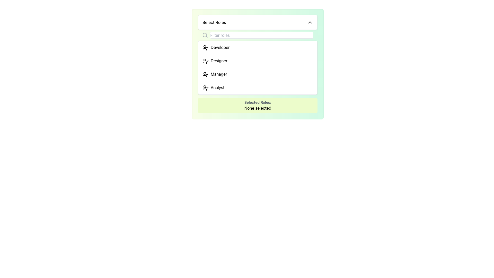  Describe the element at coordinates (205, 35) in the screenshot. I see `the magnifying glass icon that signifies the search feature for the 'Filter roles' text input box` at that location.